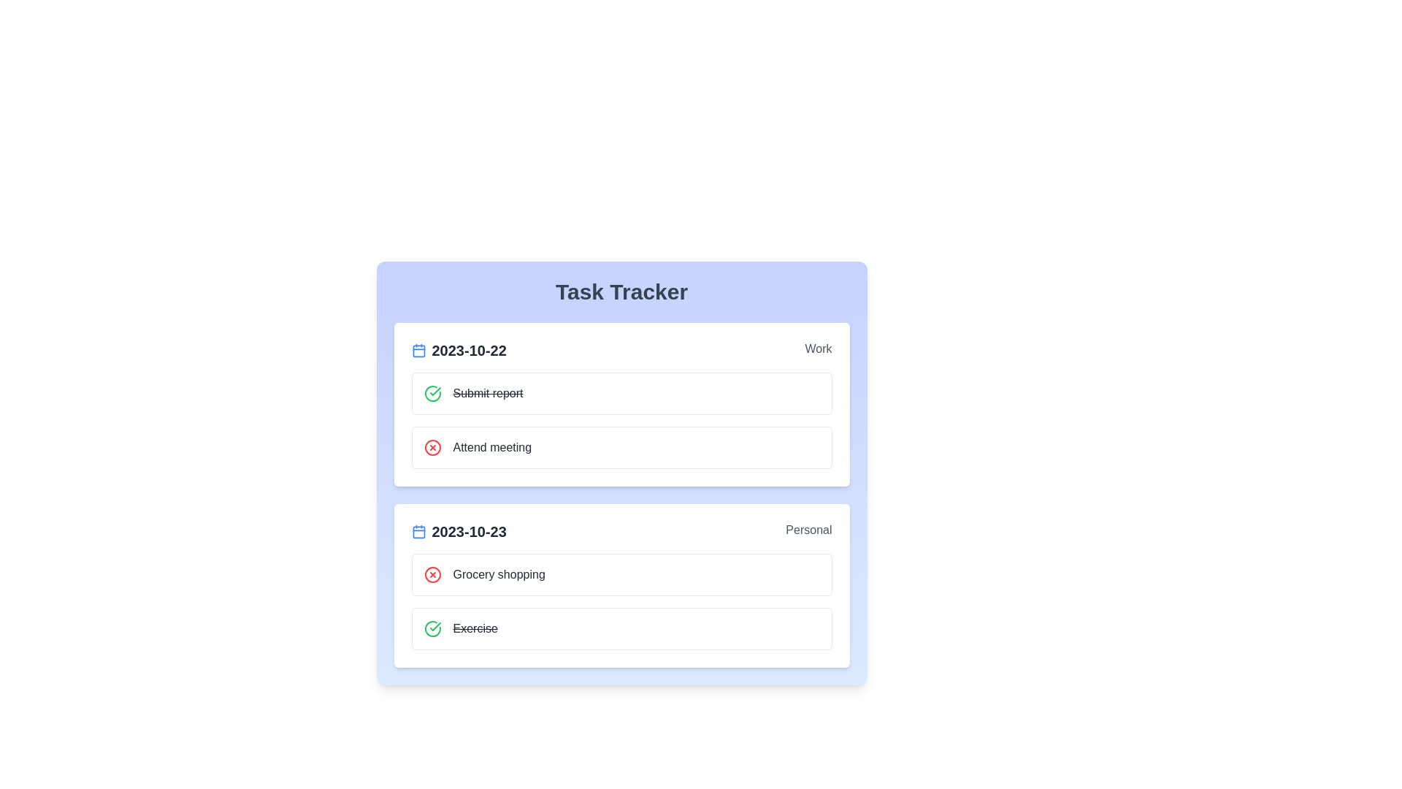 This screenshot has height=789, width=1402. What do you see at coordinates (808, 532) in the screenshot?
I see `the category label Personal to filter tasks by that category` at bounding box center [808, 532].